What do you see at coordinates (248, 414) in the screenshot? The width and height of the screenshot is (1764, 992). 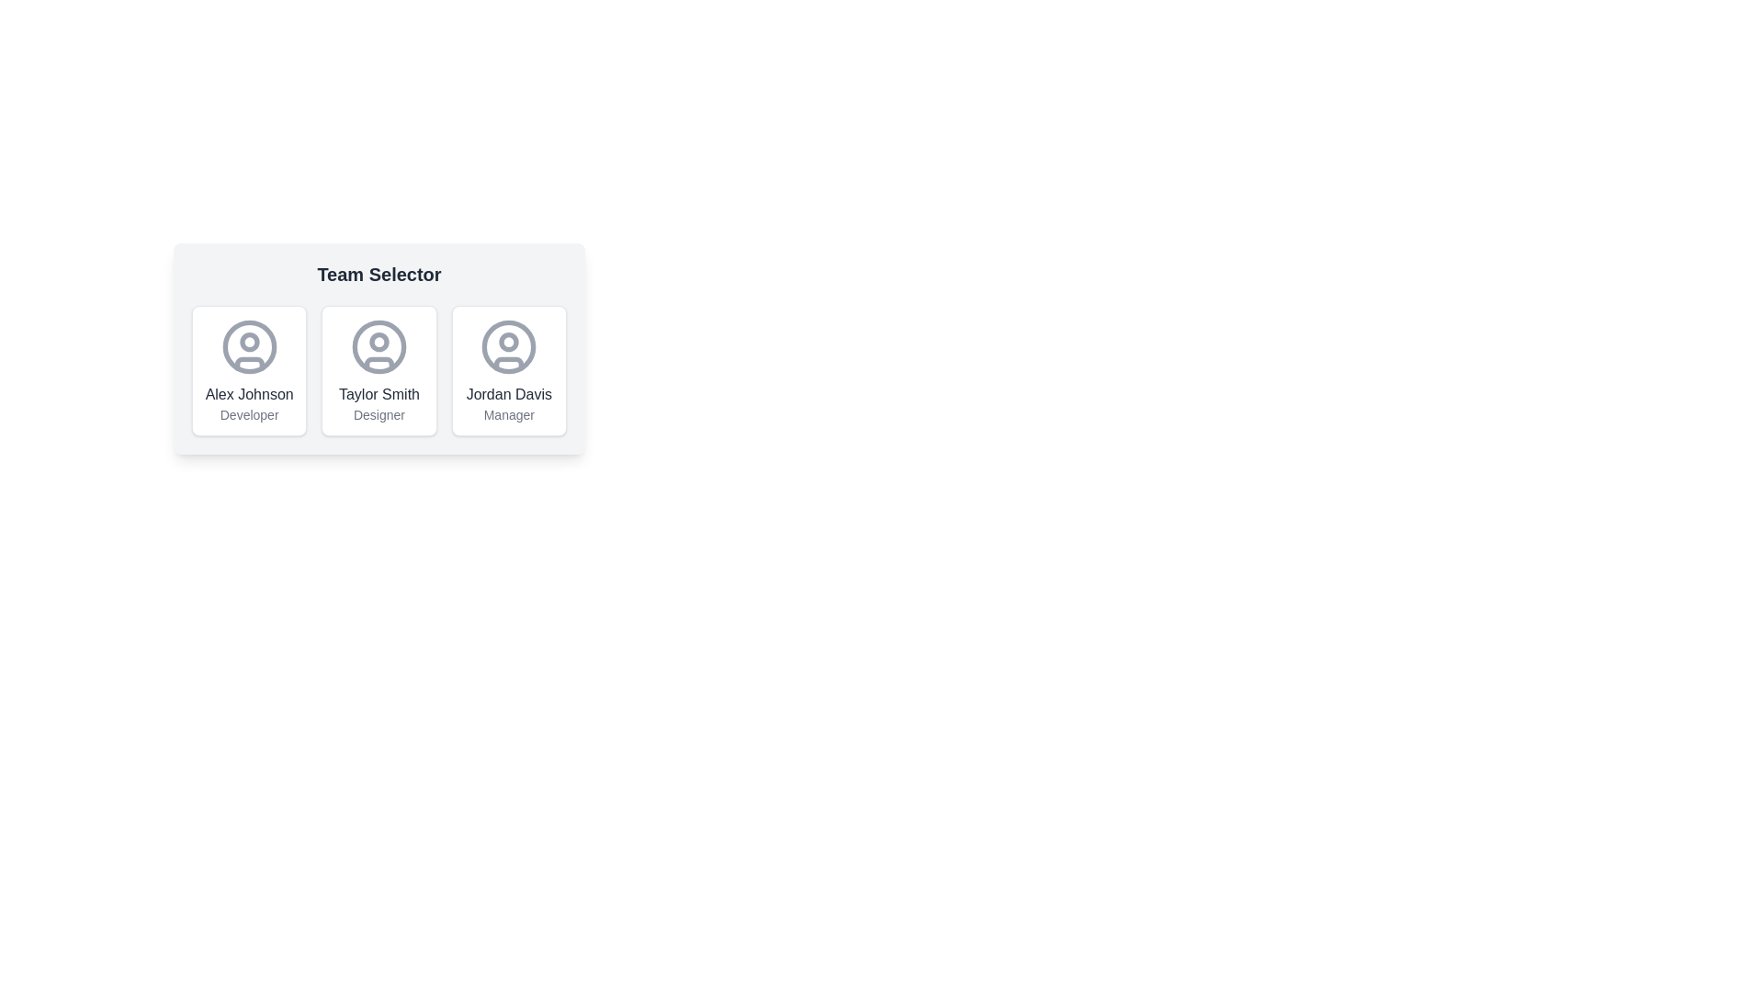 I see `the text label indicating the role or position of 'Alex Johnson', located at the bottom section of the card` at bounding box center [248, 414].